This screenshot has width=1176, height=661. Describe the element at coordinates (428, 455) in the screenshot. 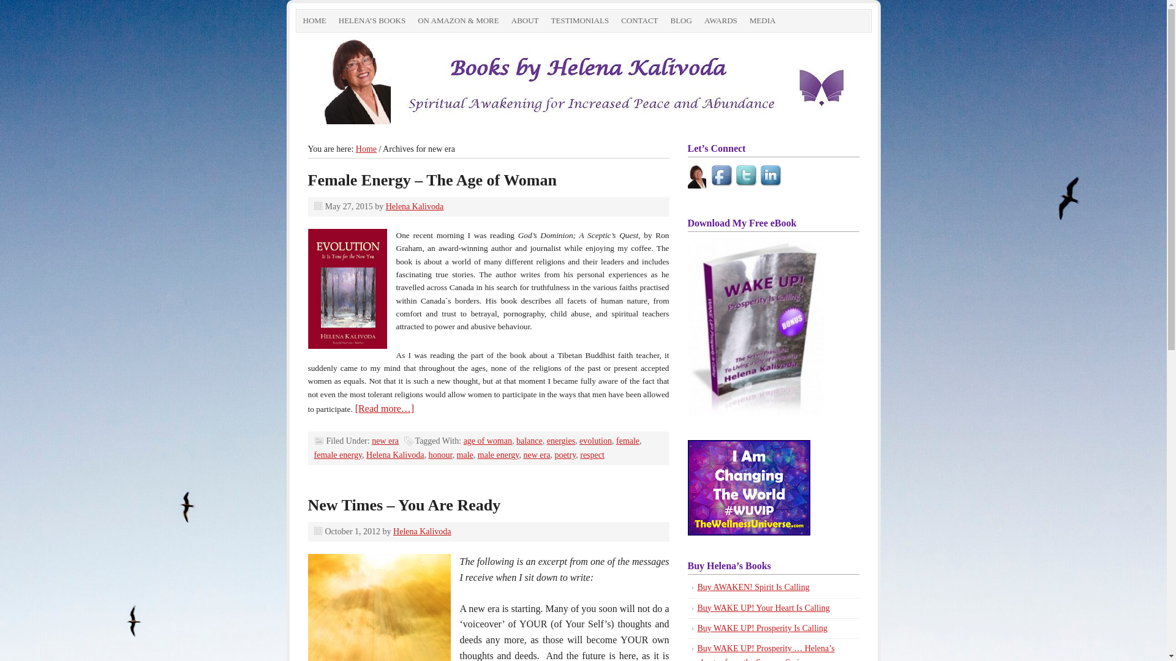

I see `'honour'` at that location.